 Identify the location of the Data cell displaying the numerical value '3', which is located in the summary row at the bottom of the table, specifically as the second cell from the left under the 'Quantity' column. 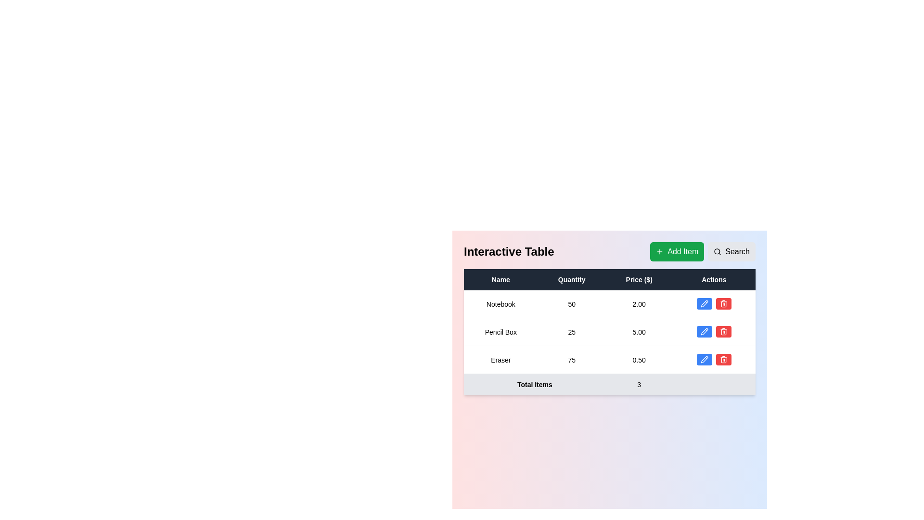
(639, 384).